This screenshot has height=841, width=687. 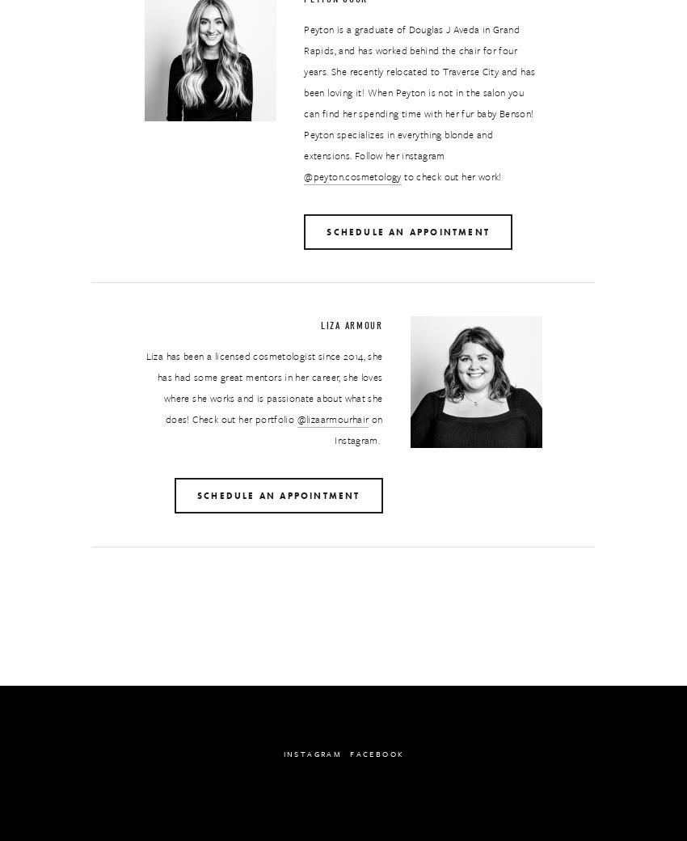 I want to click on 'to check out her work!', so click(x=451, y=175).